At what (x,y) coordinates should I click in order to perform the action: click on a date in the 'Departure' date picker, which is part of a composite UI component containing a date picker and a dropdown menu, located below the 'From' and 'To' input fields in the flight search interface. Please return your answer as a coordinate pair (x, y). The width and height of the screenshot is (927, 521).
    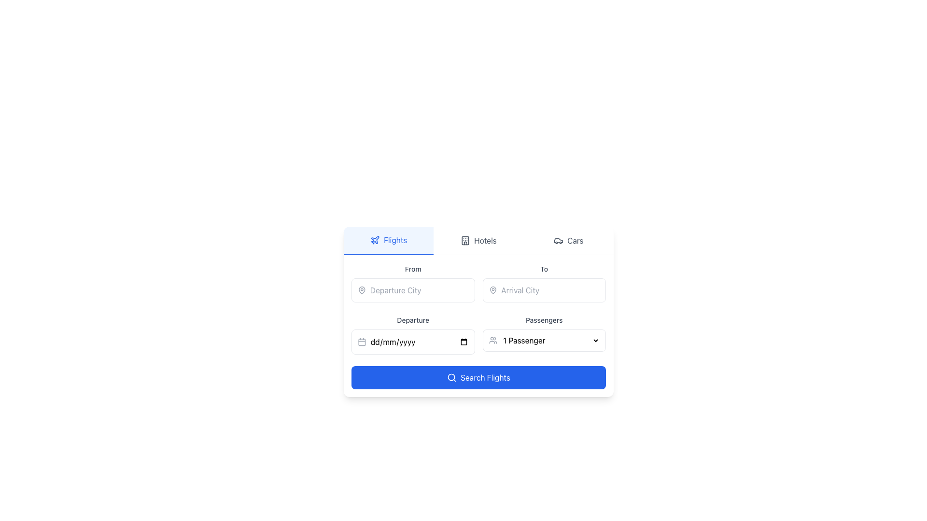
    Looking at the image, I should click on (478, 334).